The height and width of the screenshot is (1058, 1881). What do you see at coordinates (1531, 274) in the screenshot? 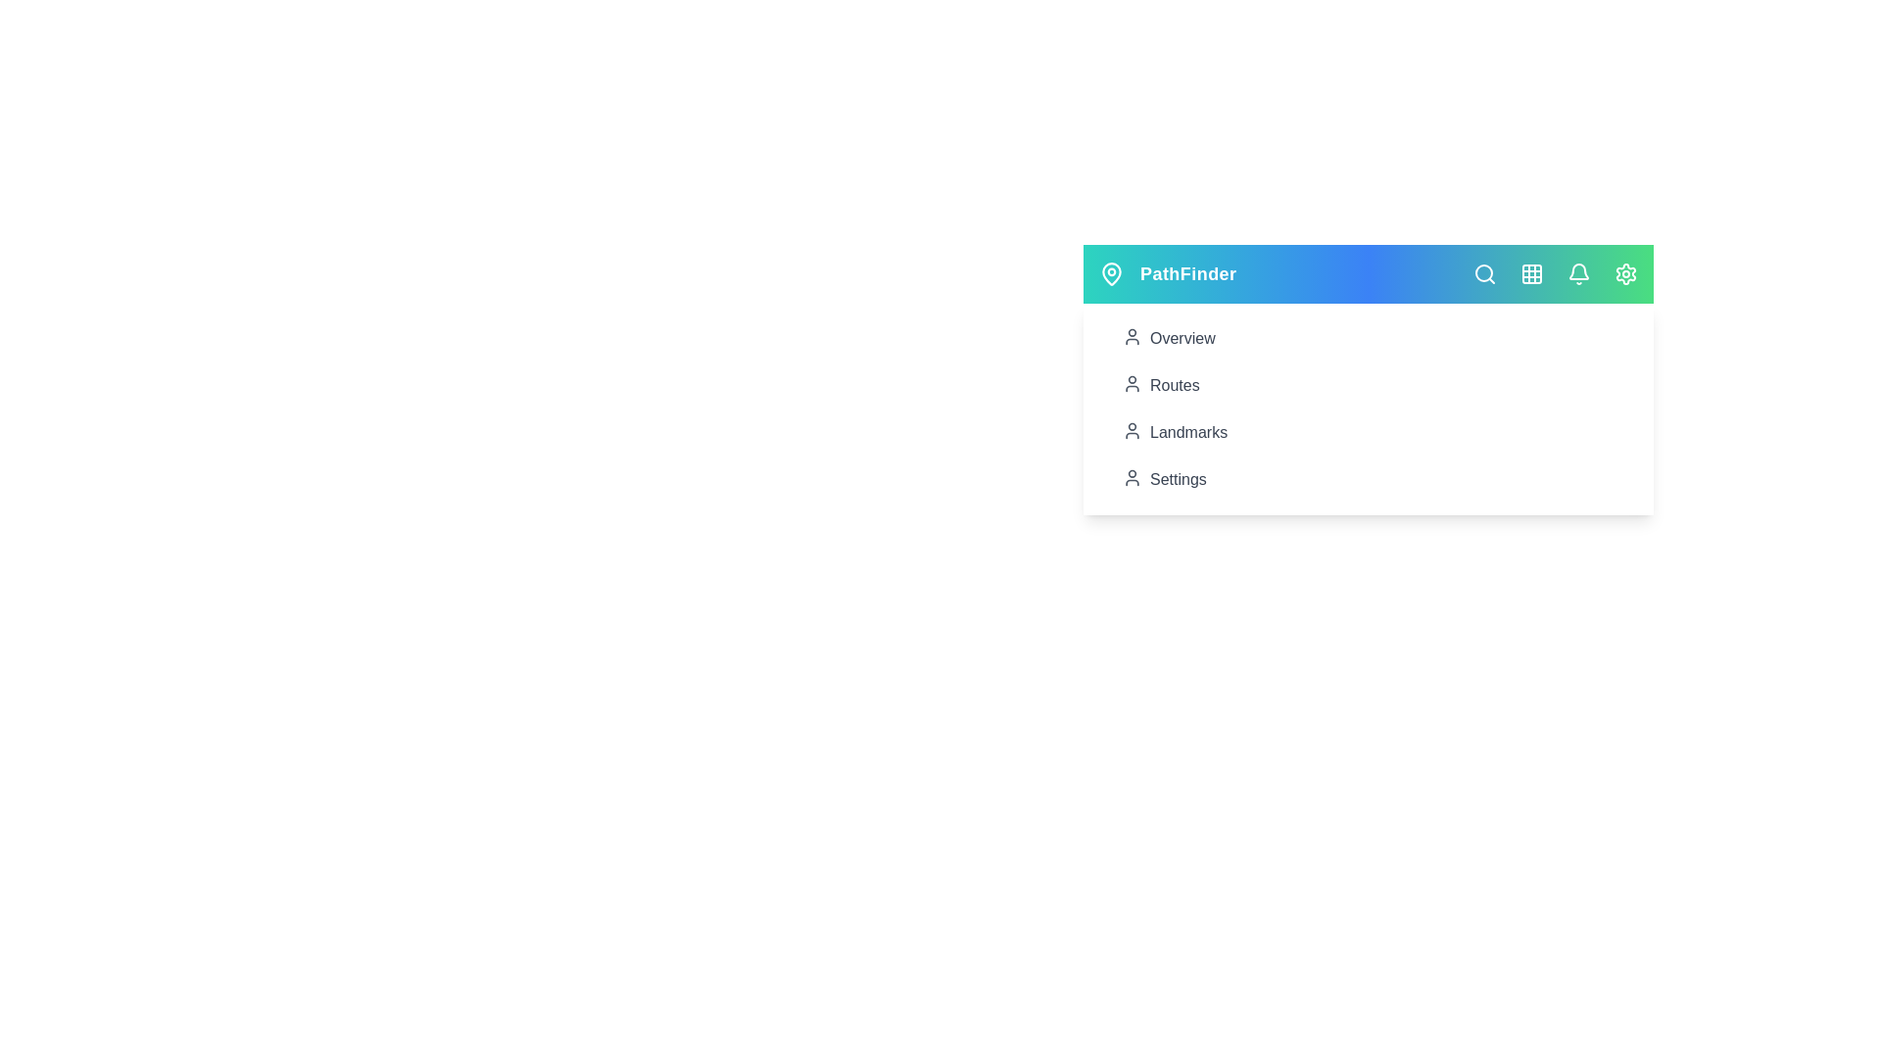
I see `the grid icon to switch to grid view` at bounding box center [1531, 274].